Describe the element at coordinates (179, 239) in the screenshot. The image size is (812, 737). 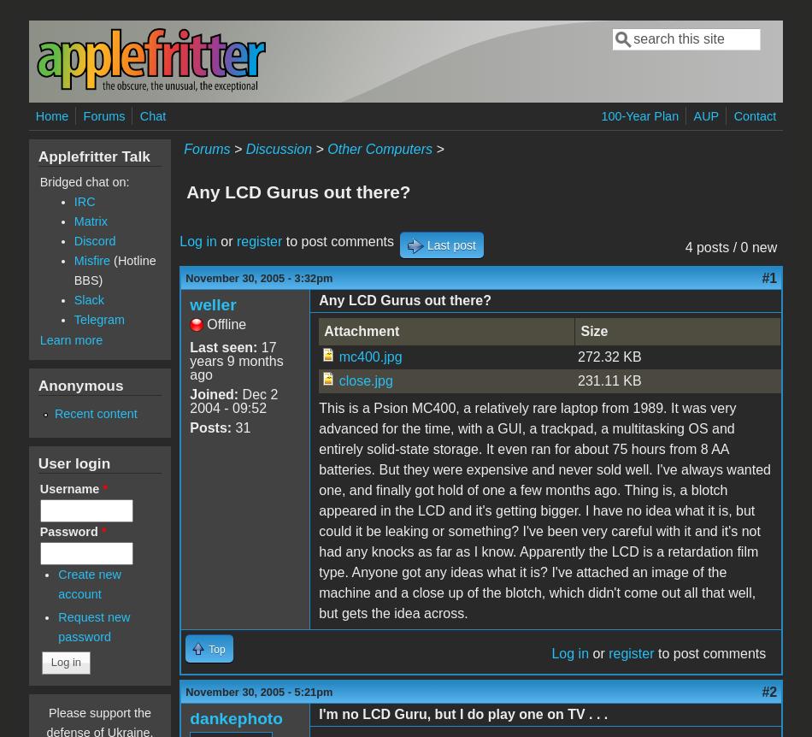
I see `'Log in'` at that location.